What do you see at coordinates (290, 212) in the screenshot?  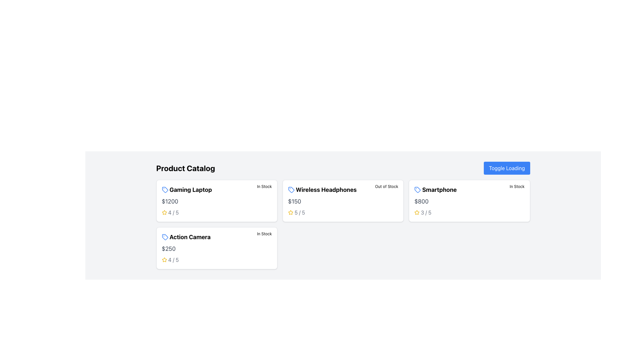 I see `the Rating Star Icon located` at bounding box center [290, 212].